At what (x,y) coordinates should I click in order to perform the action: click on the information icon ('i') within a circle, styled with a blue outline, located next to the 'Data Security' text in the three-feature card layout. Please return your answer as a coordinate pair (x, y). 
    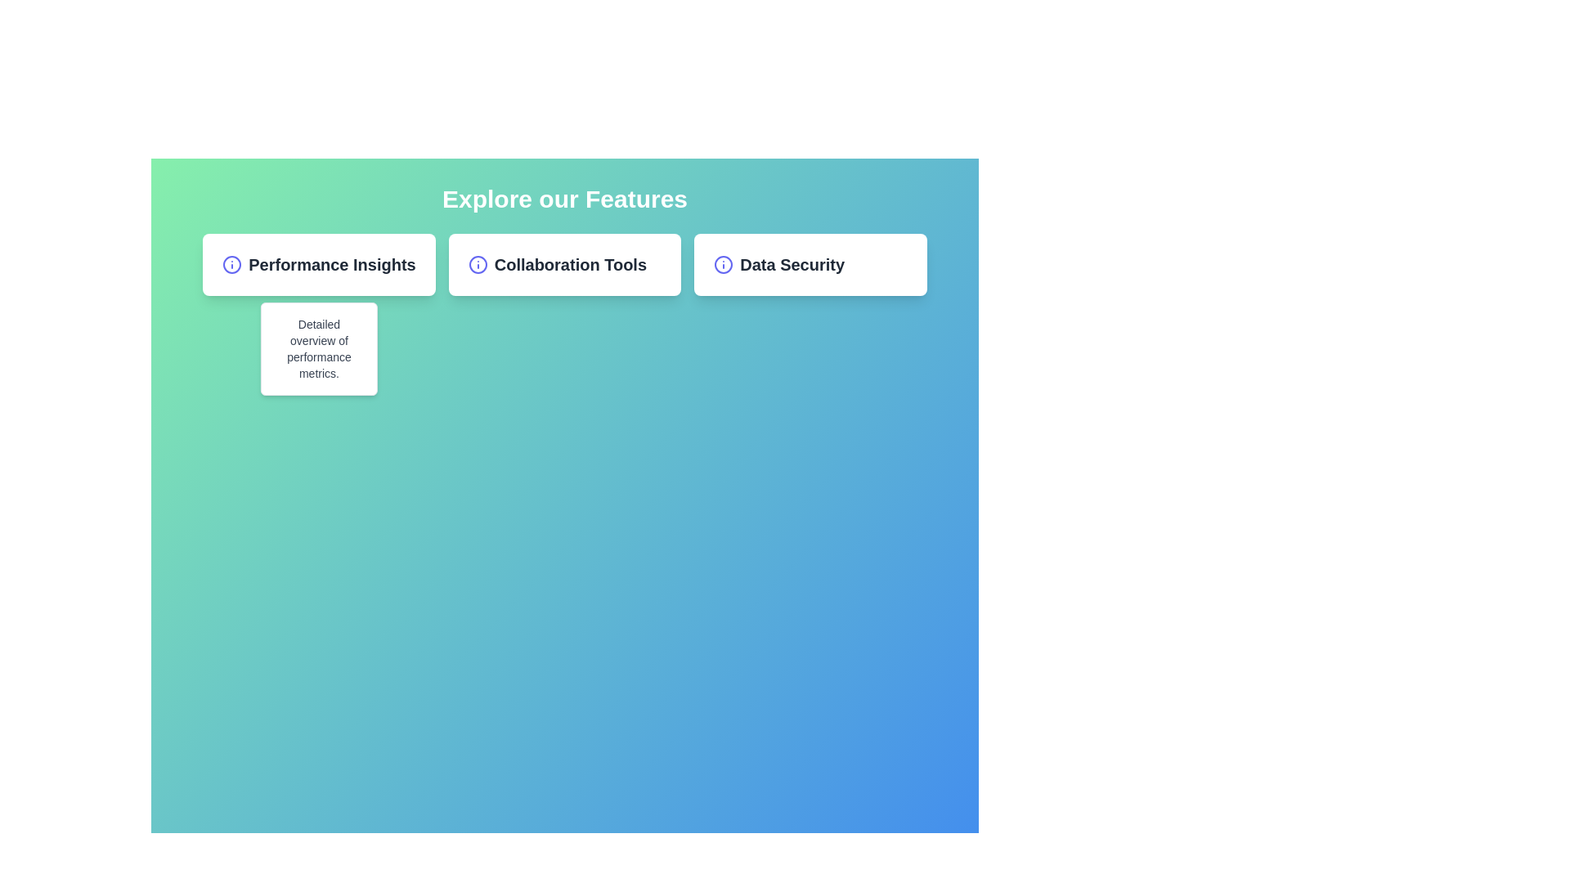
    Looking at the image, I should click on (723, 264).